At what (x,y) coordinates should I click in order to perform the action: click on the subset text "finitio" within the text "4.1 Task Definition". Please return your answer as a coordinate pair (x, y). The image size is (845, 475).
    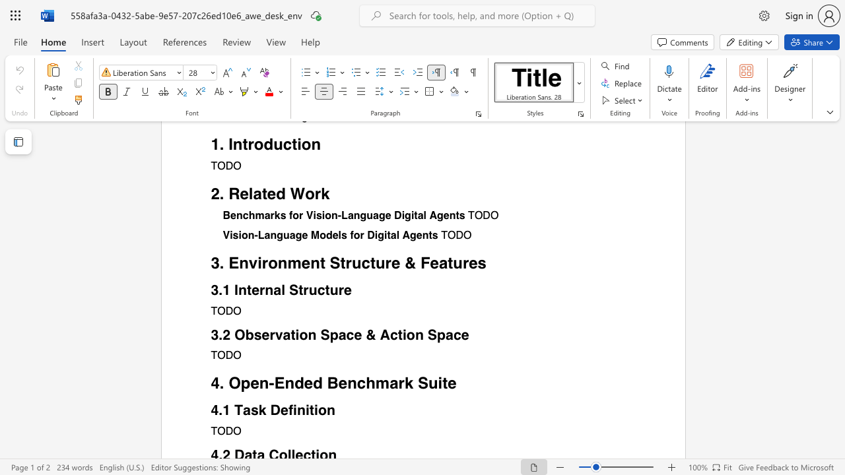
    Looking at the image, I should click on (287, 409).